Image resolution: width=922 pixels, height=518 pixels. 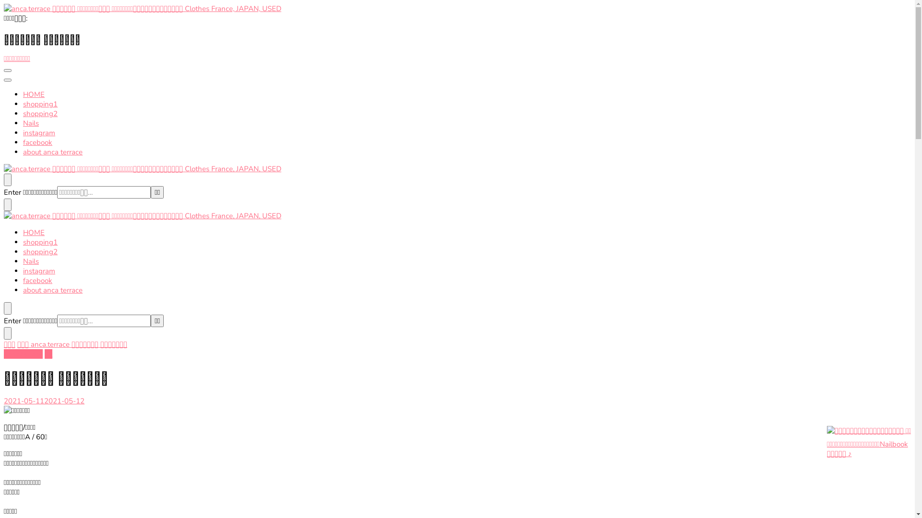 What do you see at coordinates (37, 281) in the screenshot?
I see `'facebook'` at bounding box center [37, 281].